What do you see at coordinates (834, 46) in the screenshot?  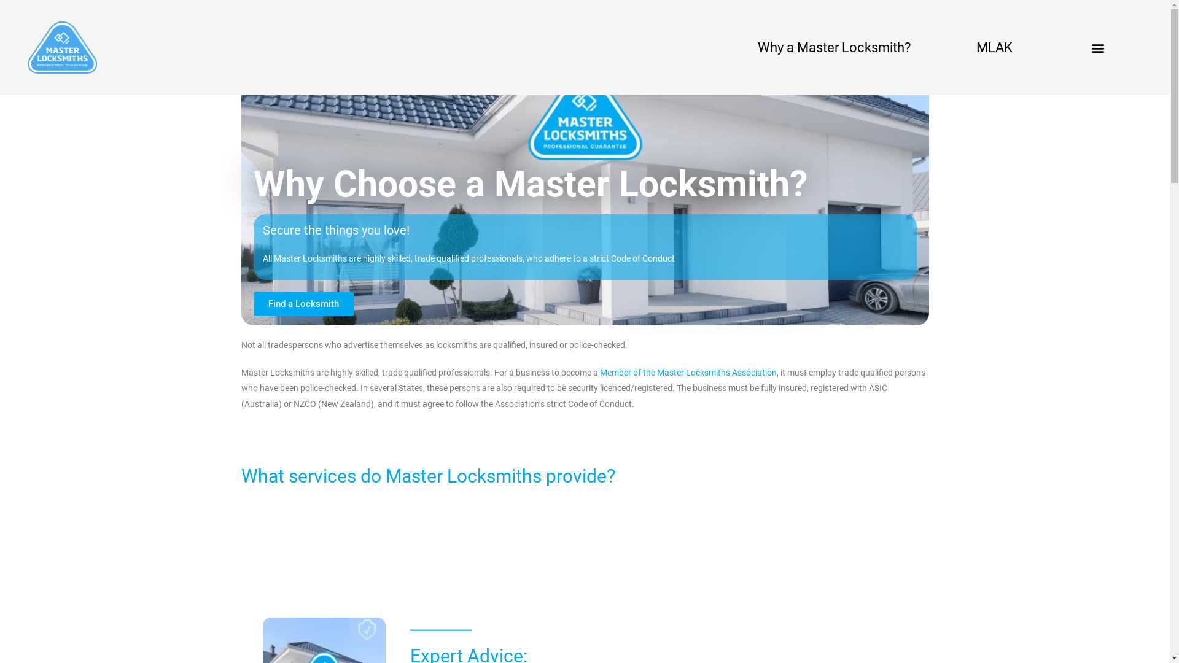 I see `'Why a Master Locksmith?'` at bounding box center [834, 46].